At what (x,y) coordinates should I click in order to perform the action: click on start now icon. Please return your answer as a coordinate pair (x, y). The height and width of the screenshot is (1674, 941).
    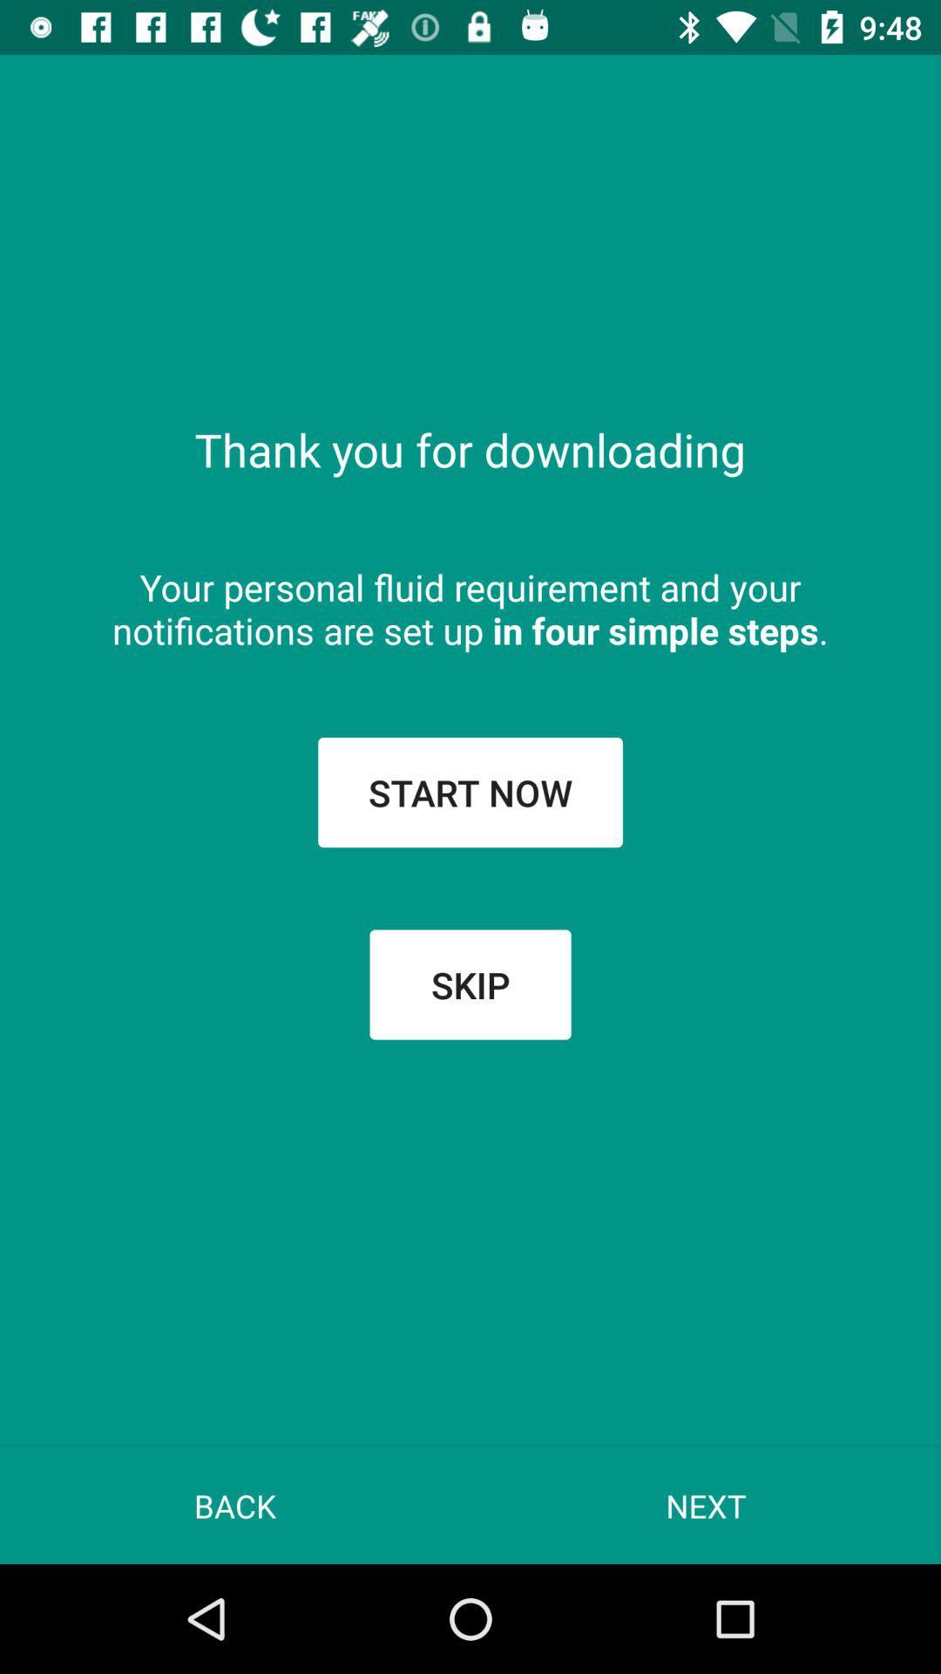
    Looking at the image, I should click on (470, 791).